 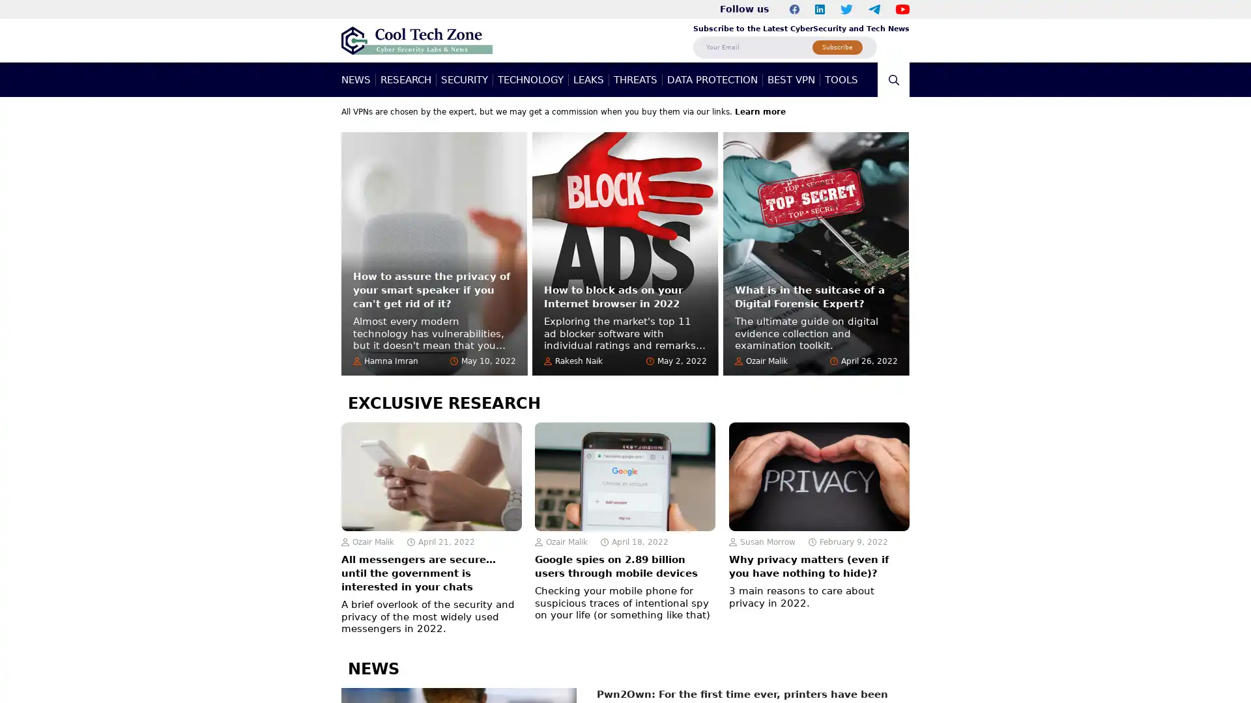 I want to click on Subscribe, so click(x=837, y=46).